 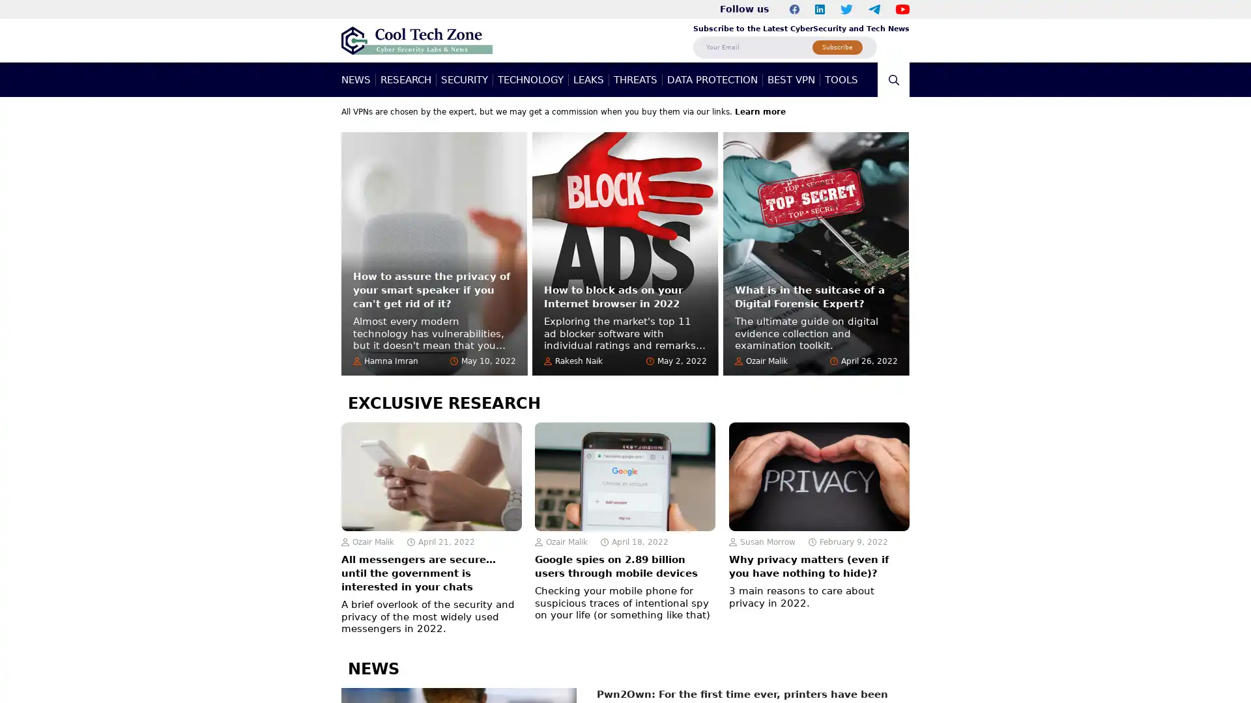 I want to click on Subscribe, so click(x=837, y=46).